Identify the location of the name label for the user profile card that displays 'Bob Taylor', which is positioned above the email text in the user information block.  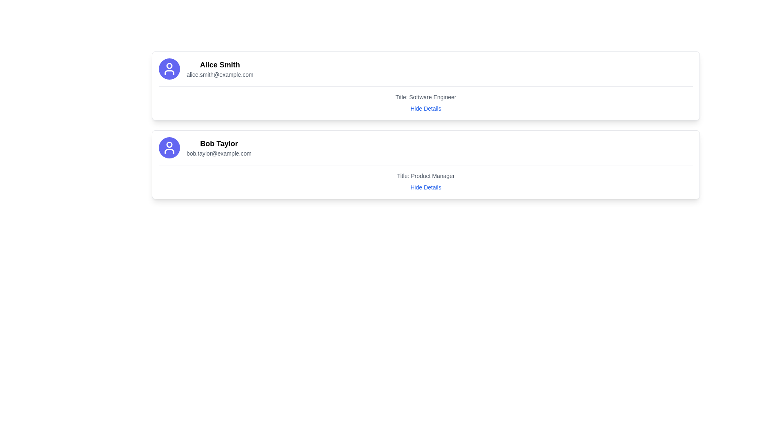
(219, 143).